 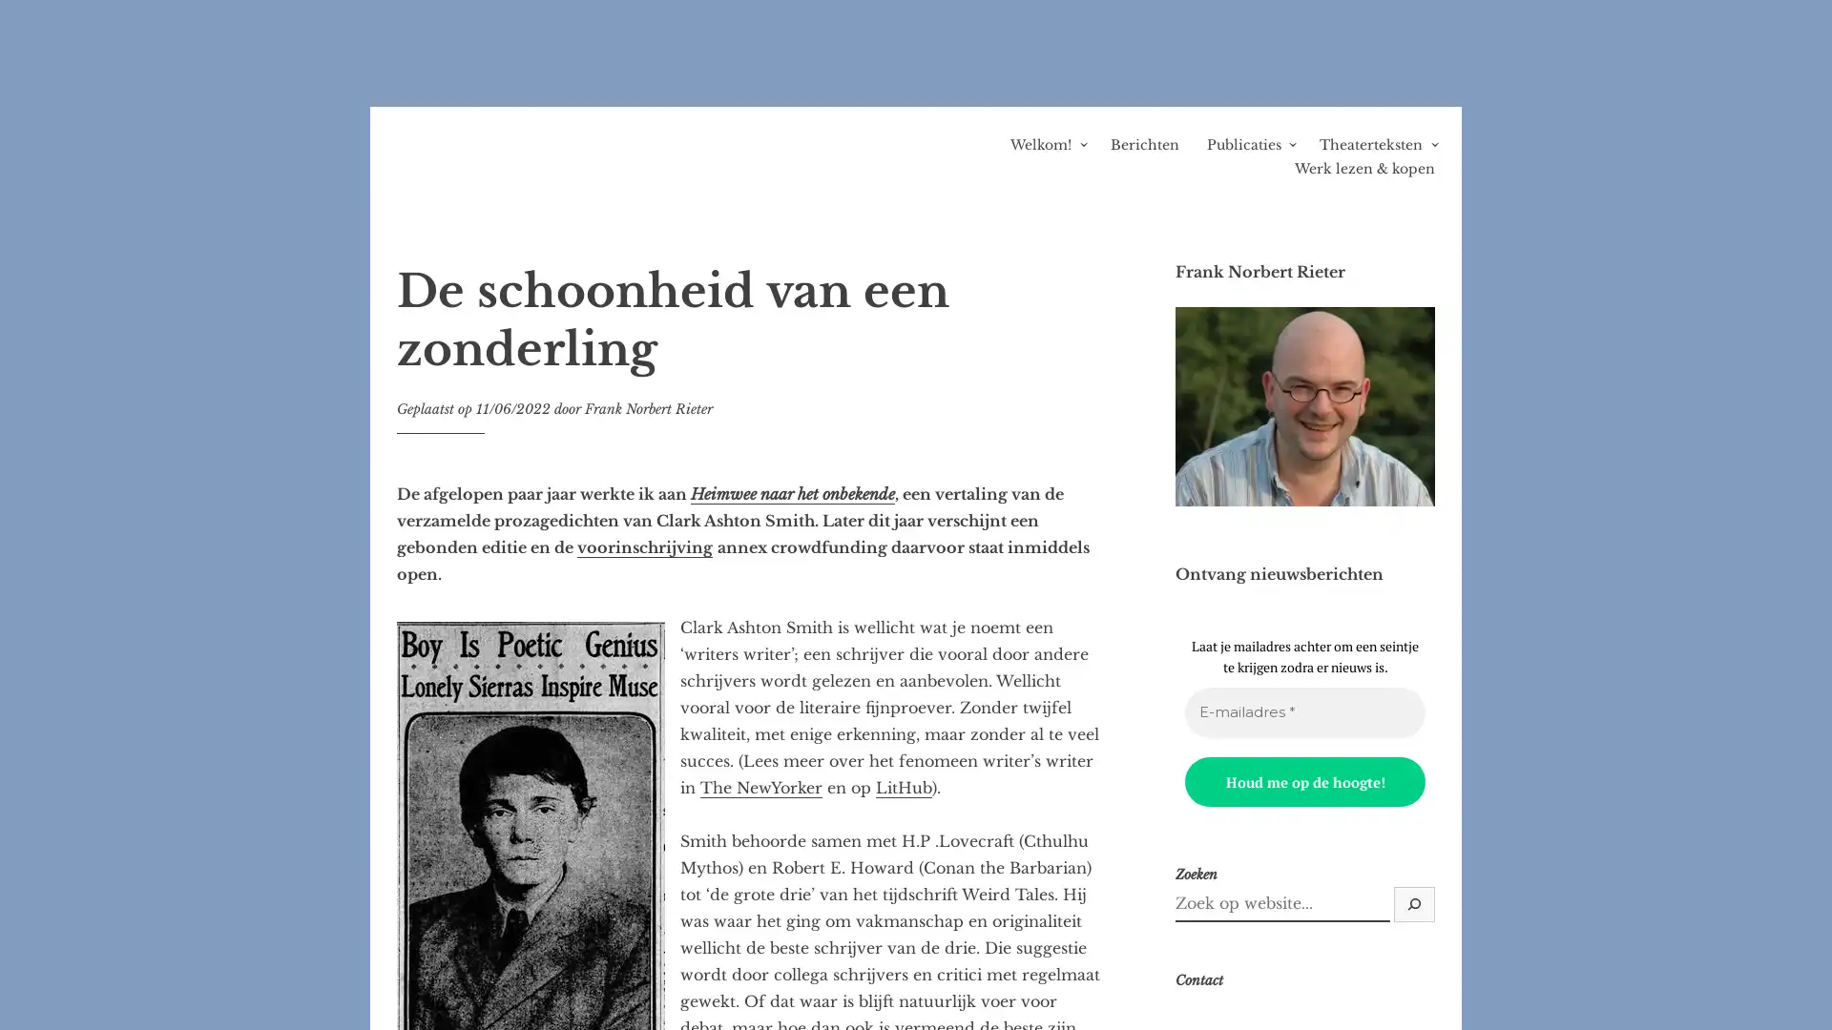 What do you see at coordinates (1304, 781) in the screenshot?
I see `Houd me op de hoogte!` at bounding box center [1304, 781].